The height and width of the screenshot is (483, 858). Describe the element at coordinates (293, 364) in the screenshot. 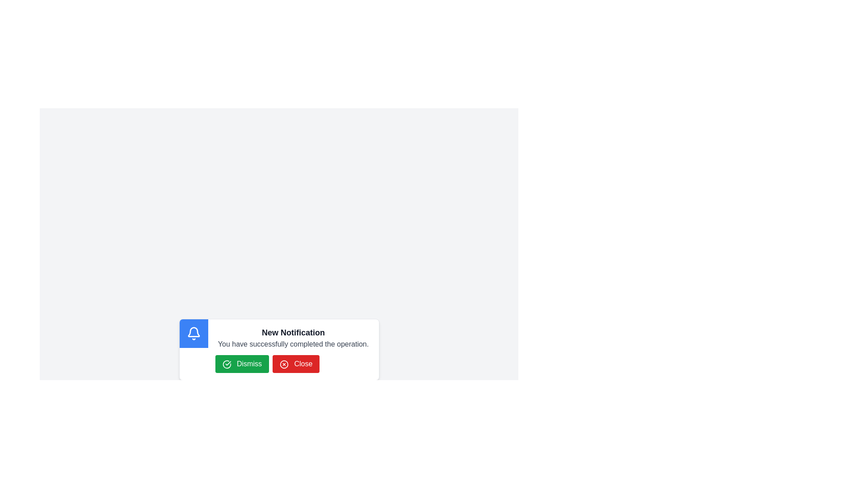

I see `the button group located at the bottom of the notification card, which provides options to dismiss or close the notification` at that location.